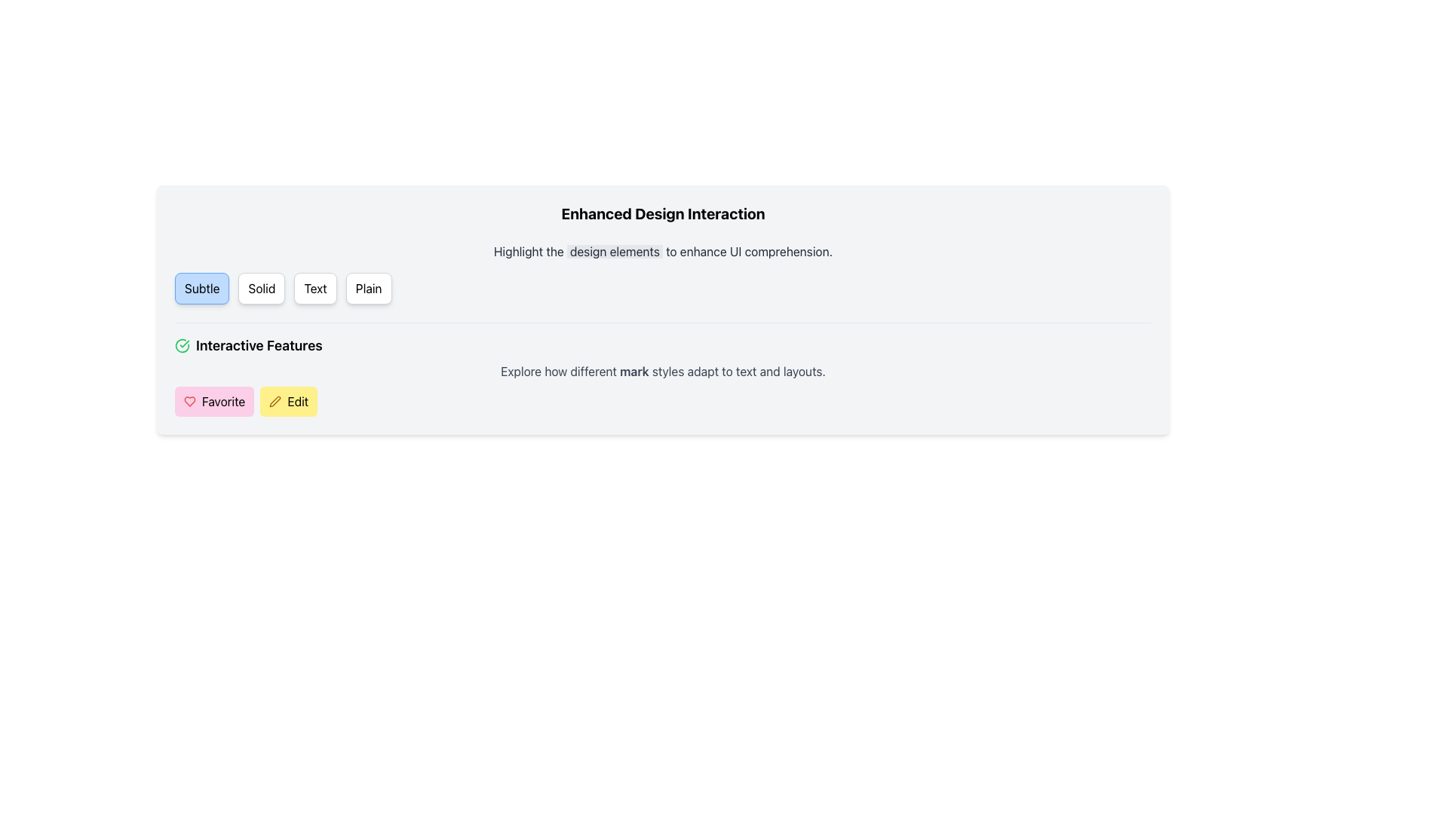  Describe the element at coordinates (663, 372) in the screenshot. I see `text label that describes how different mark styles adapt to text and layouts, which is styled in gray font and located beneath the title 'Interactive Features'` at that location.